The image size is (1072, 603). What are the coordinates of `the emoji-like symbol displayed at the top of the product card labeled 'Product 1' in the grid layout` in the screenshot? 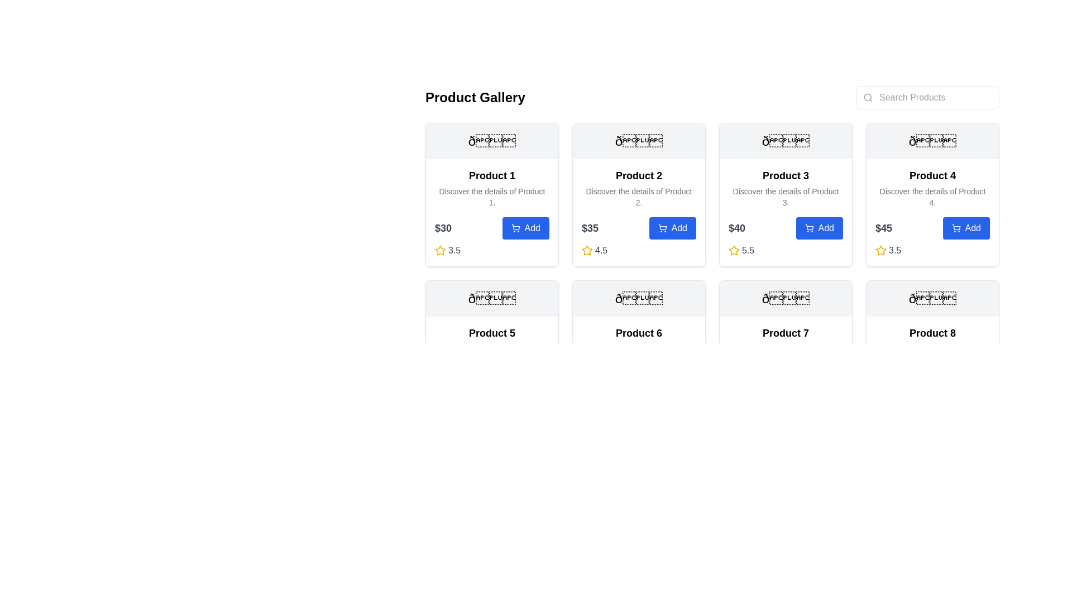 It's located at (491, 141).